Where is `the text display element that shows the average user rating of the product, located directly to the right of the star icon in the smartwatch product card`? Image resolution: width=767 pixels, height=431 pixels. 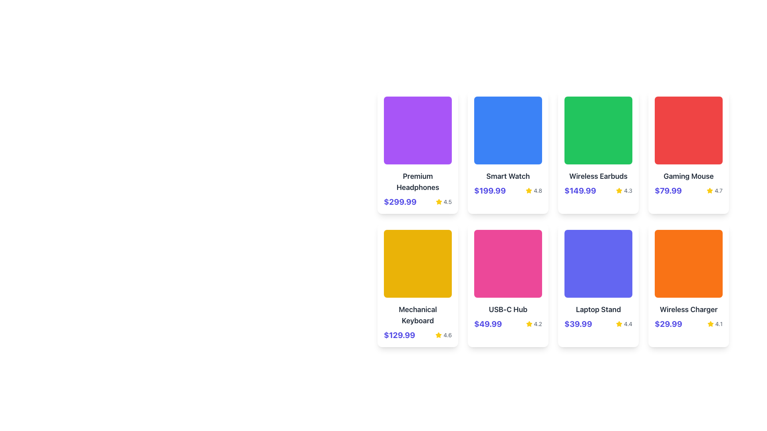 the text display element that shows the average user rating of the product, located directly to the right of the star icon in the smartwatch product card is located at coordinates (538, 191).